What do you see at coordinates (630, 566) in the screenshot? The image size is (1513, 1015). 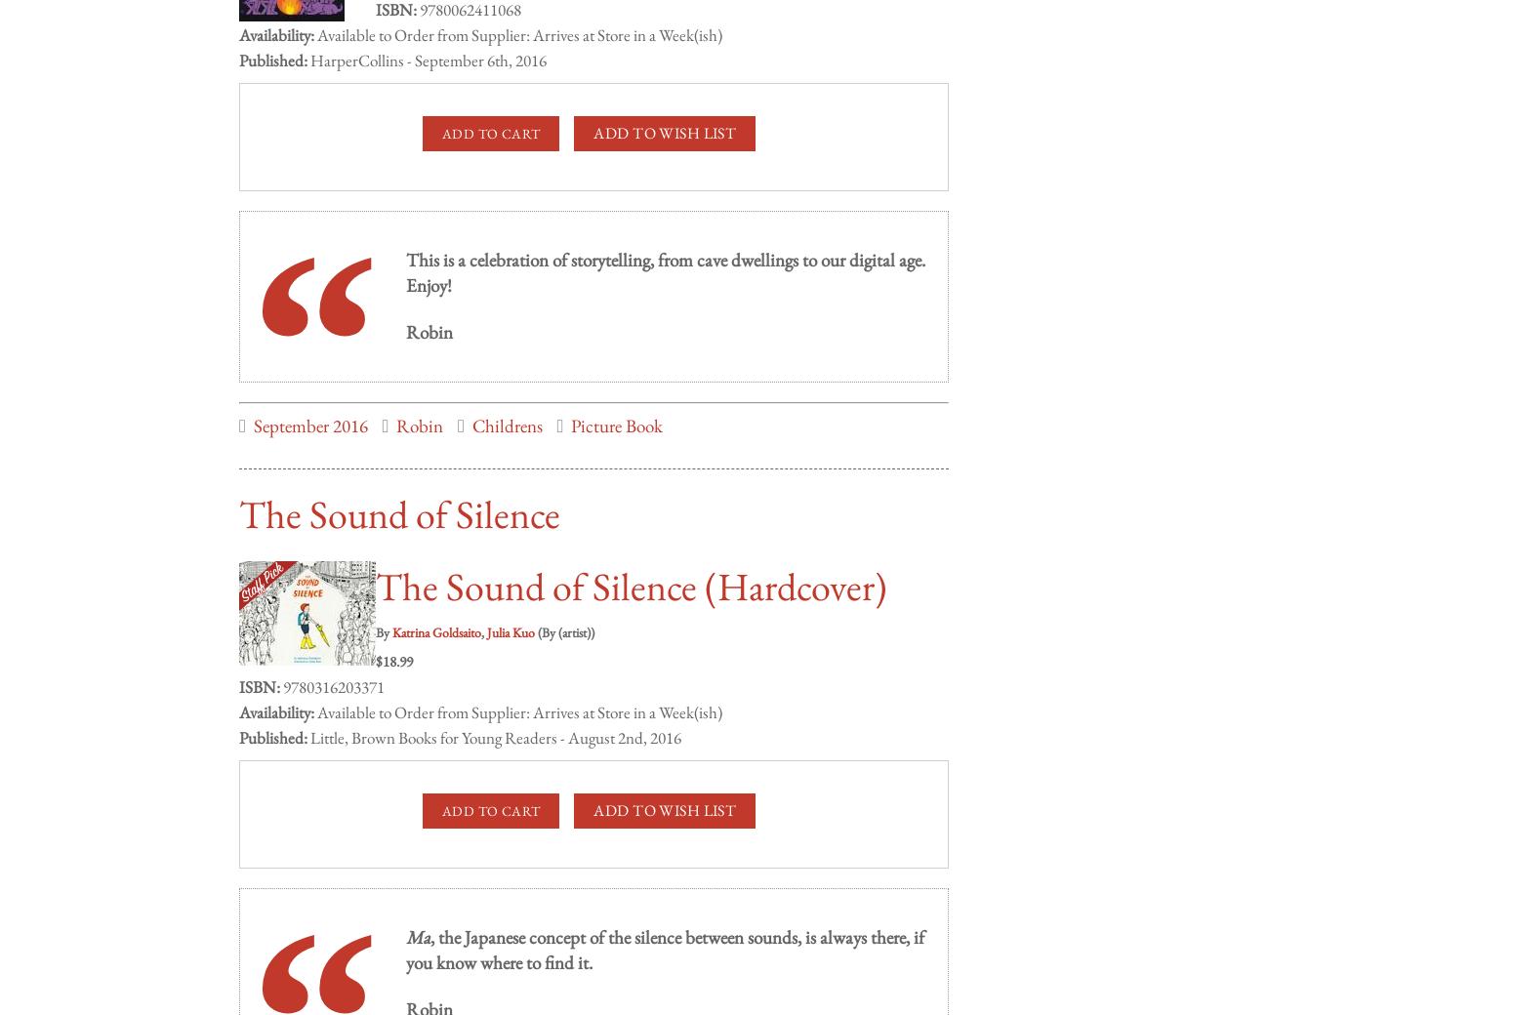 I see `'The Sound of Silence (Hardcover)'` at bounding box center [630, 566].